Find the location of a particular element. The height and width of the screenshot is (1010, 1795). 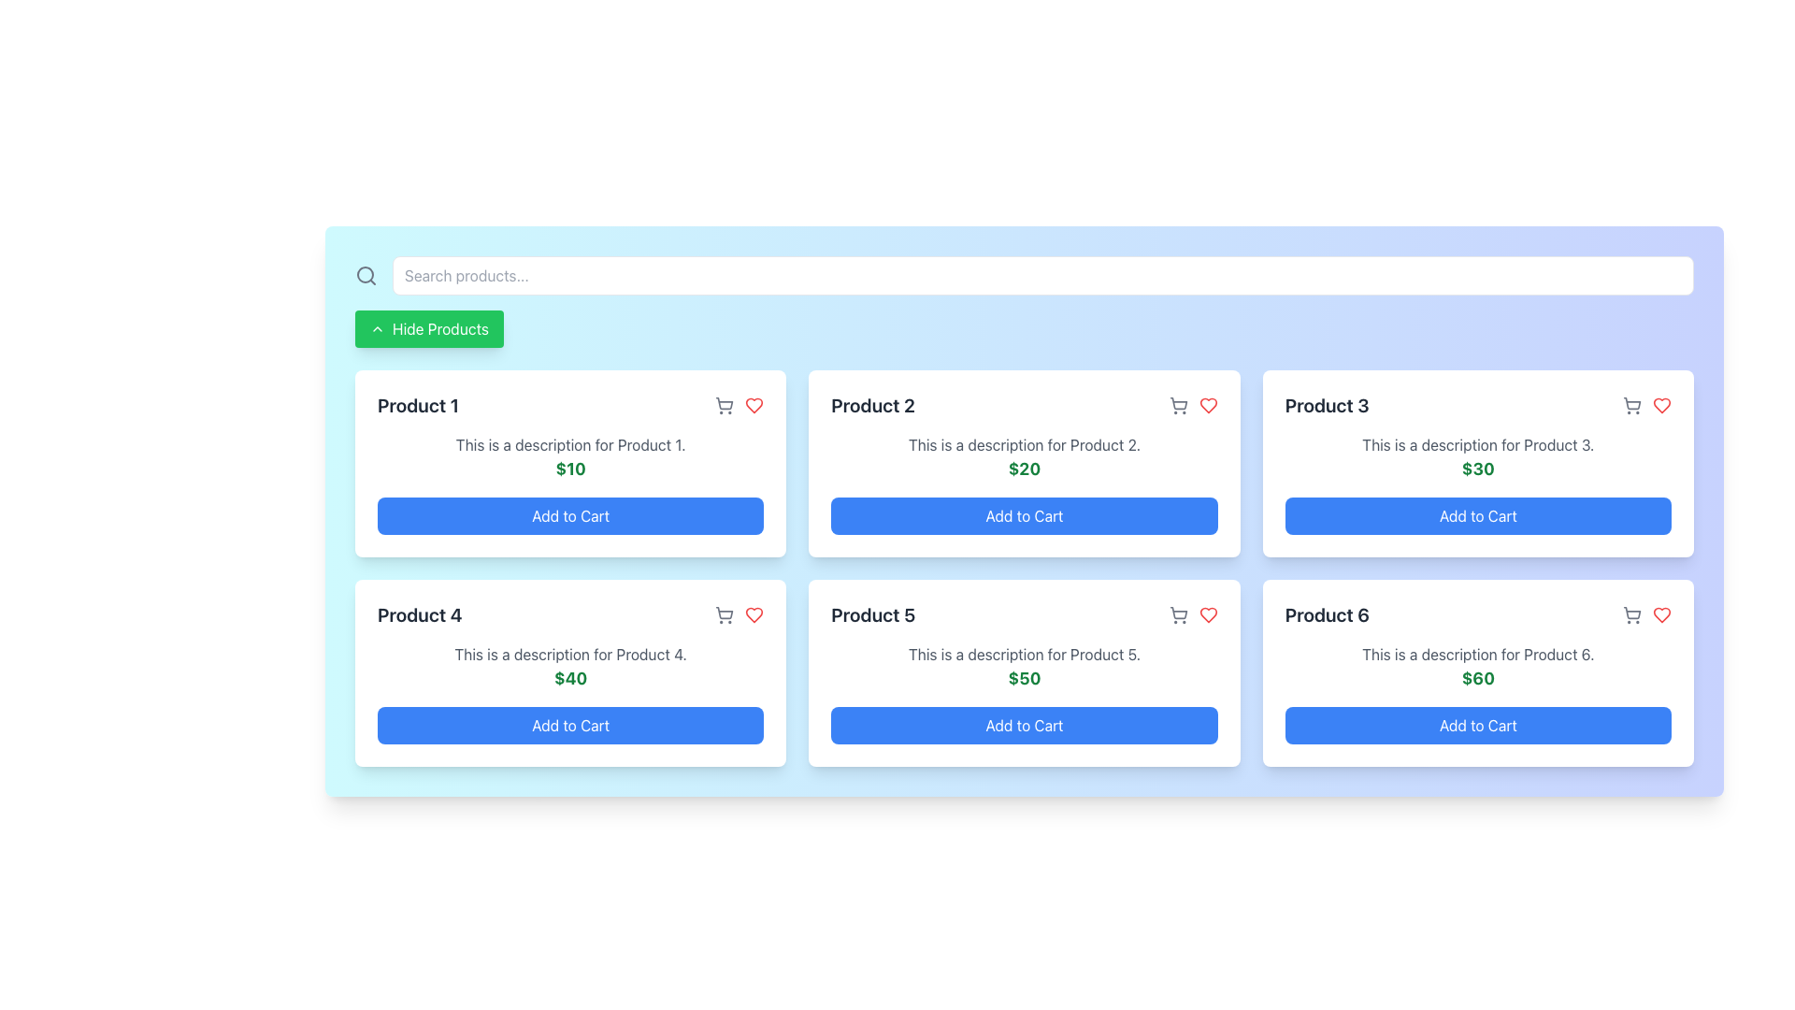

the text label for 'Product 6' located at the top-left section of the sixth product card in the grid layout, which serves as an identifier for users is located at coordinates (1326, 615).